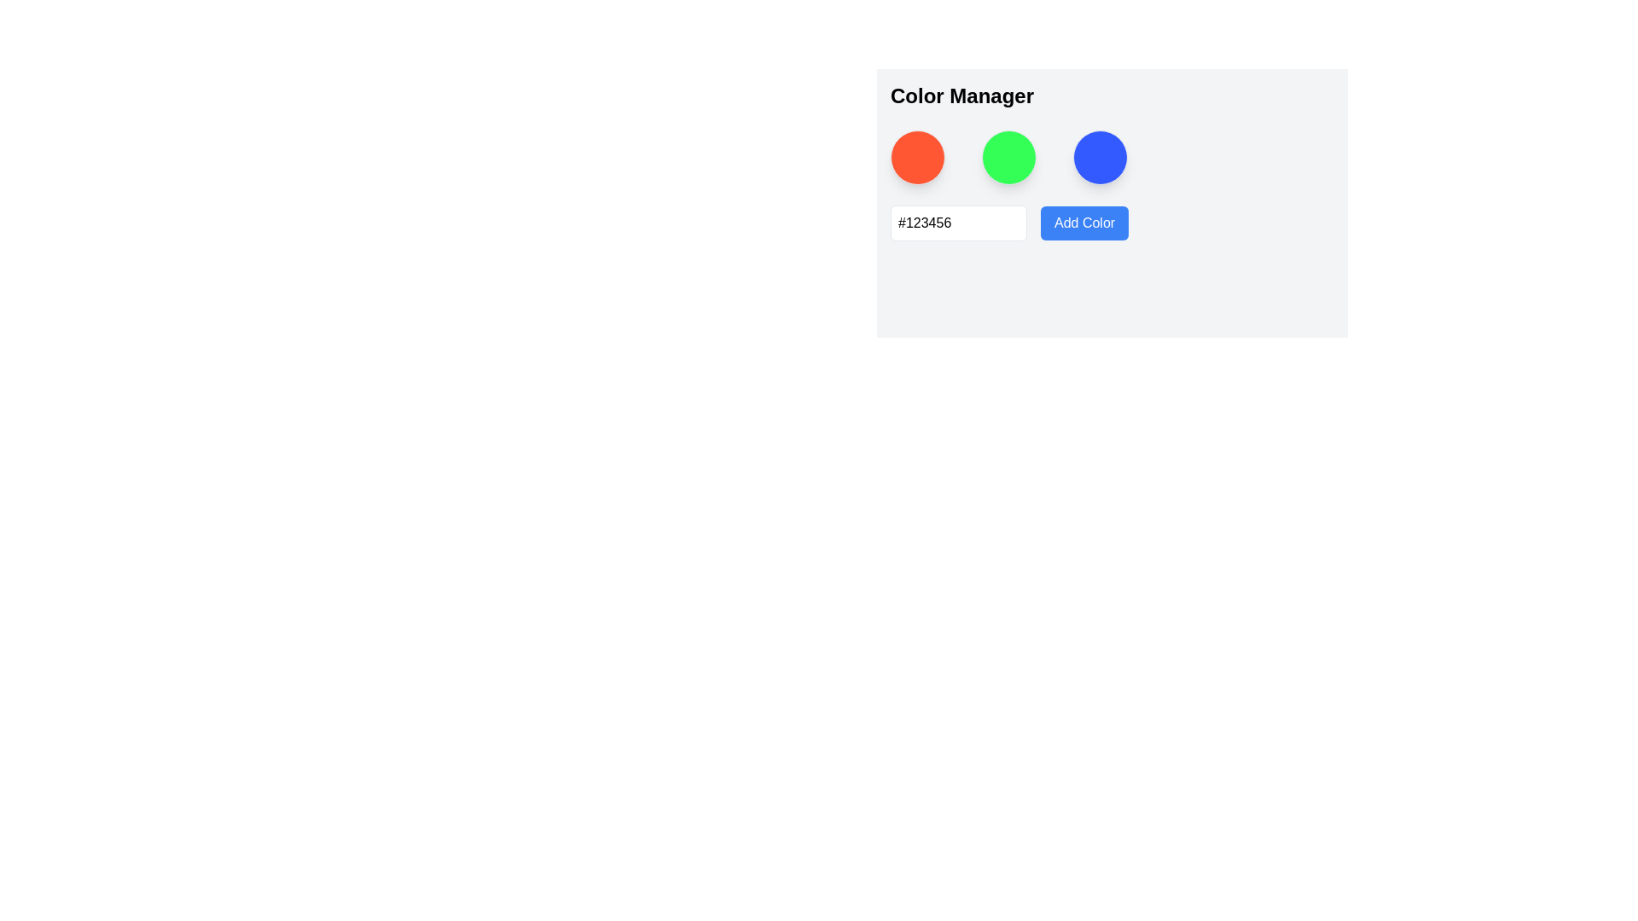 This screenshot has width=1638, height=921. What do you see at coordinates (1083, 223) in the screenshot?
I see `the button that adds the color entered in the adjacent text input field` at bounding box center [1083, 223].